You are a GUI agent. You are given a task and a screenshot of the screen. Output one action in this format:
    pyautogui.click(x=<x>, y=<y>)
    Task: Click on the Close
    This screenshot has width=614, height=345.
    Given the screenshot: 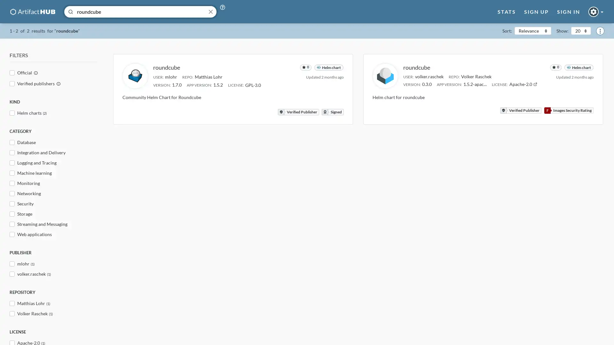 What is the action you would take?
    pyautogui.click(x=210, y=11)
    